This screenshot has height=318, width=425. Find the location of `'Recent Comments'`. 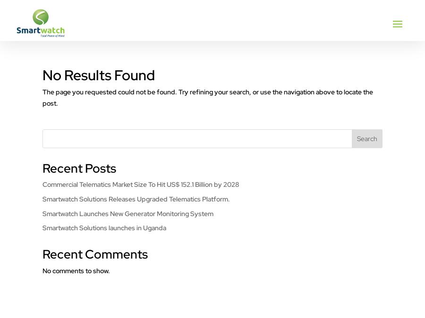

'Recent Comments' is located at coordinates (95, 254).